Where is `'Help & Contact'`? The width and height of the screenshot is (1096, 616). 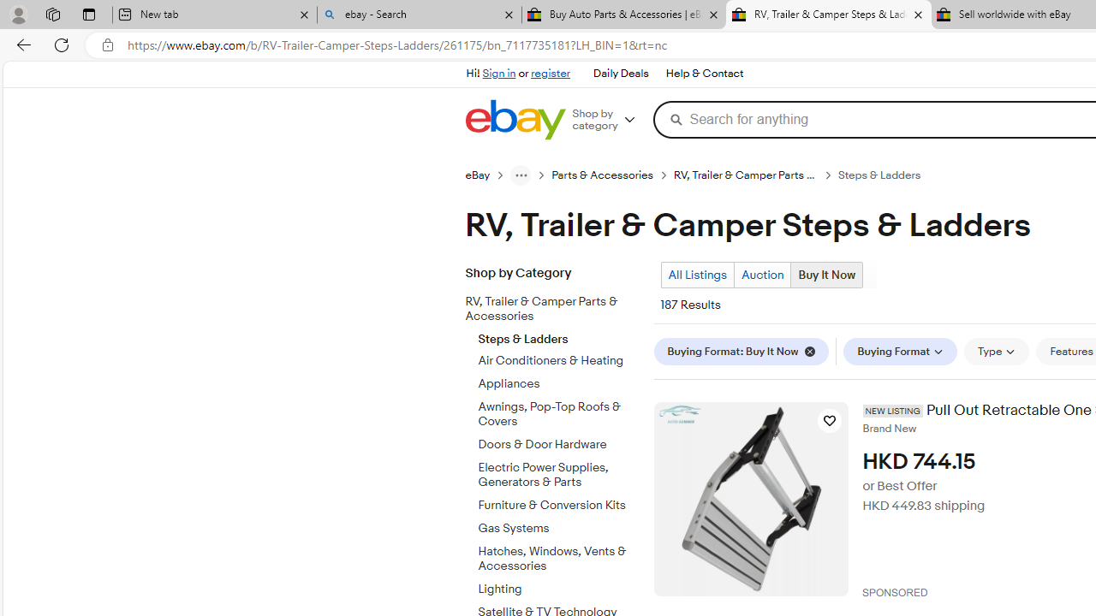
'Help & Contact' is located at coordinates (705, 74).